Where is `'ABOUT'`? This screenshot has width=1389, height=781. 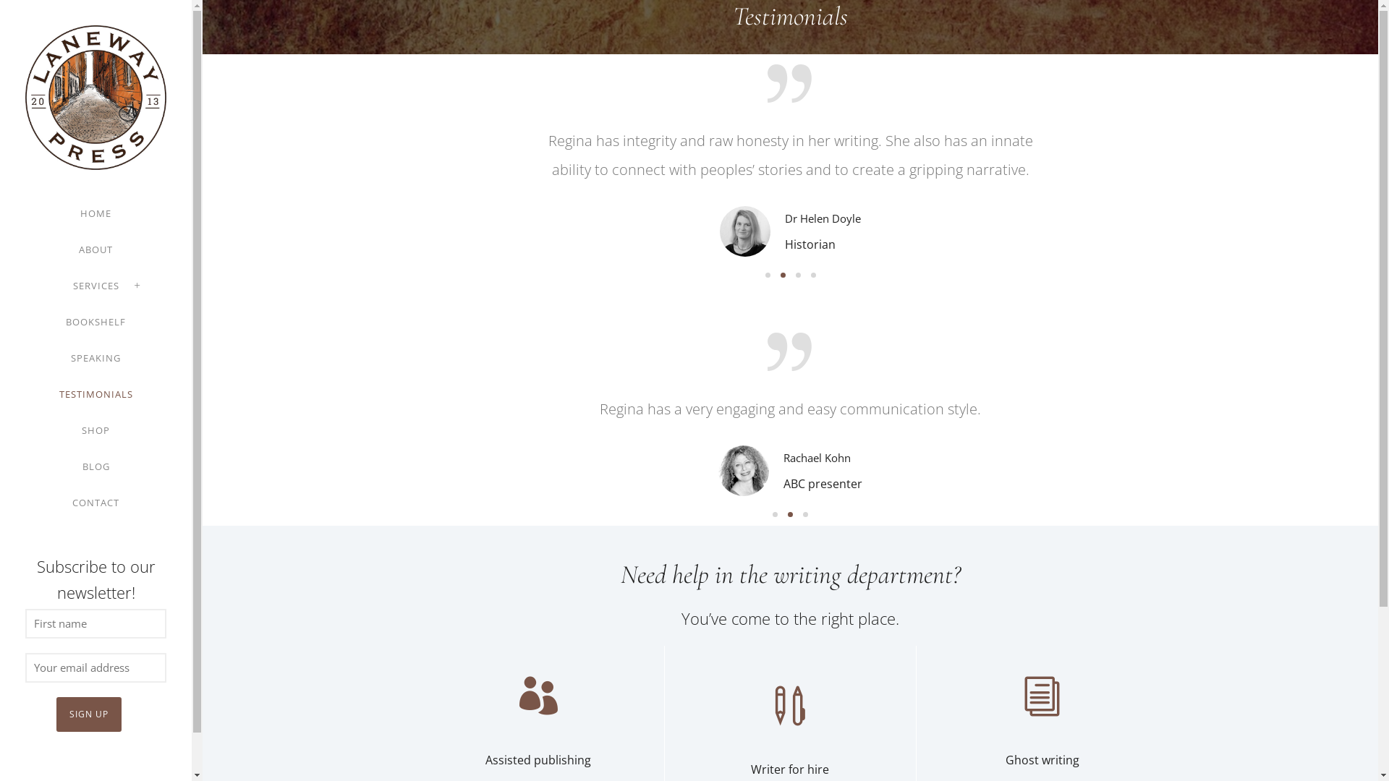
'ABOUT' is located at coordinates (95, 248).